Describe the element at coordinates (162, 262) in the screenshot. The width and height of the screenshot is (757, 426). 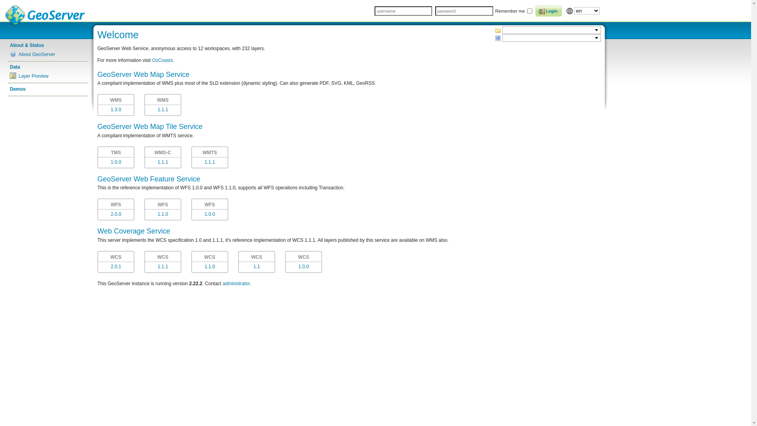
I see `'WCS` at that location.